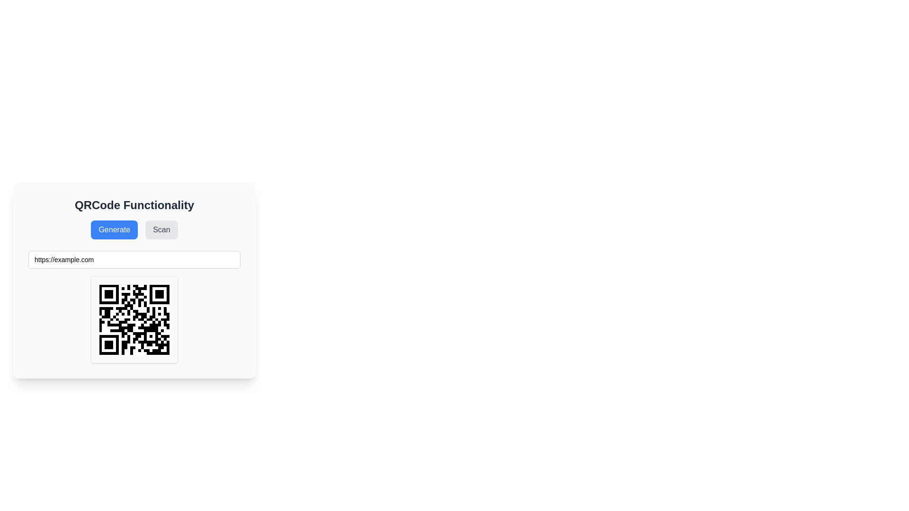 This screenshot has width=909, height=511. What do you see at coordinates (161, 230) in the screenshot?
I see `the 'Scan' button, which is a rectangular button with rounded corners, gray background, and dark gray text, located on the right side of the button group below the title 'QRCode Functionality'` at bounding box center [161, 230].